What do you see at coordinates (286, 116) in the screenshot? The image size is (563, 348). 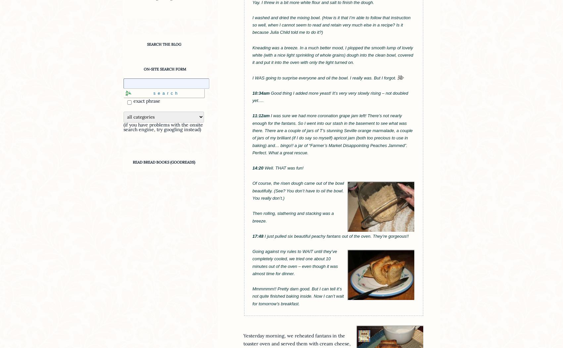 I see `'sure'` at bounding box center [286, 116].